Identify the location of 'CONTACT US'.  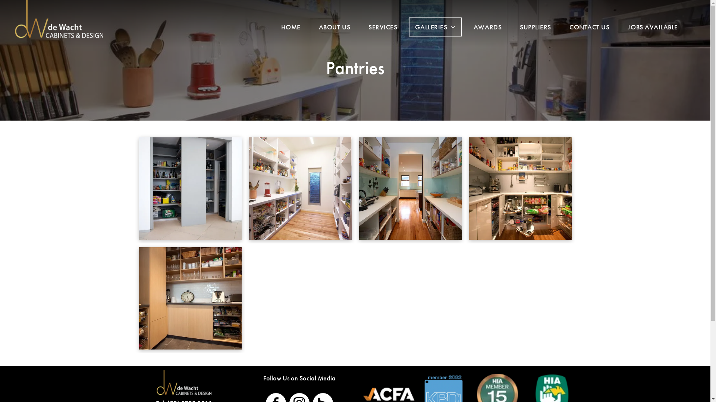
(589, 26).